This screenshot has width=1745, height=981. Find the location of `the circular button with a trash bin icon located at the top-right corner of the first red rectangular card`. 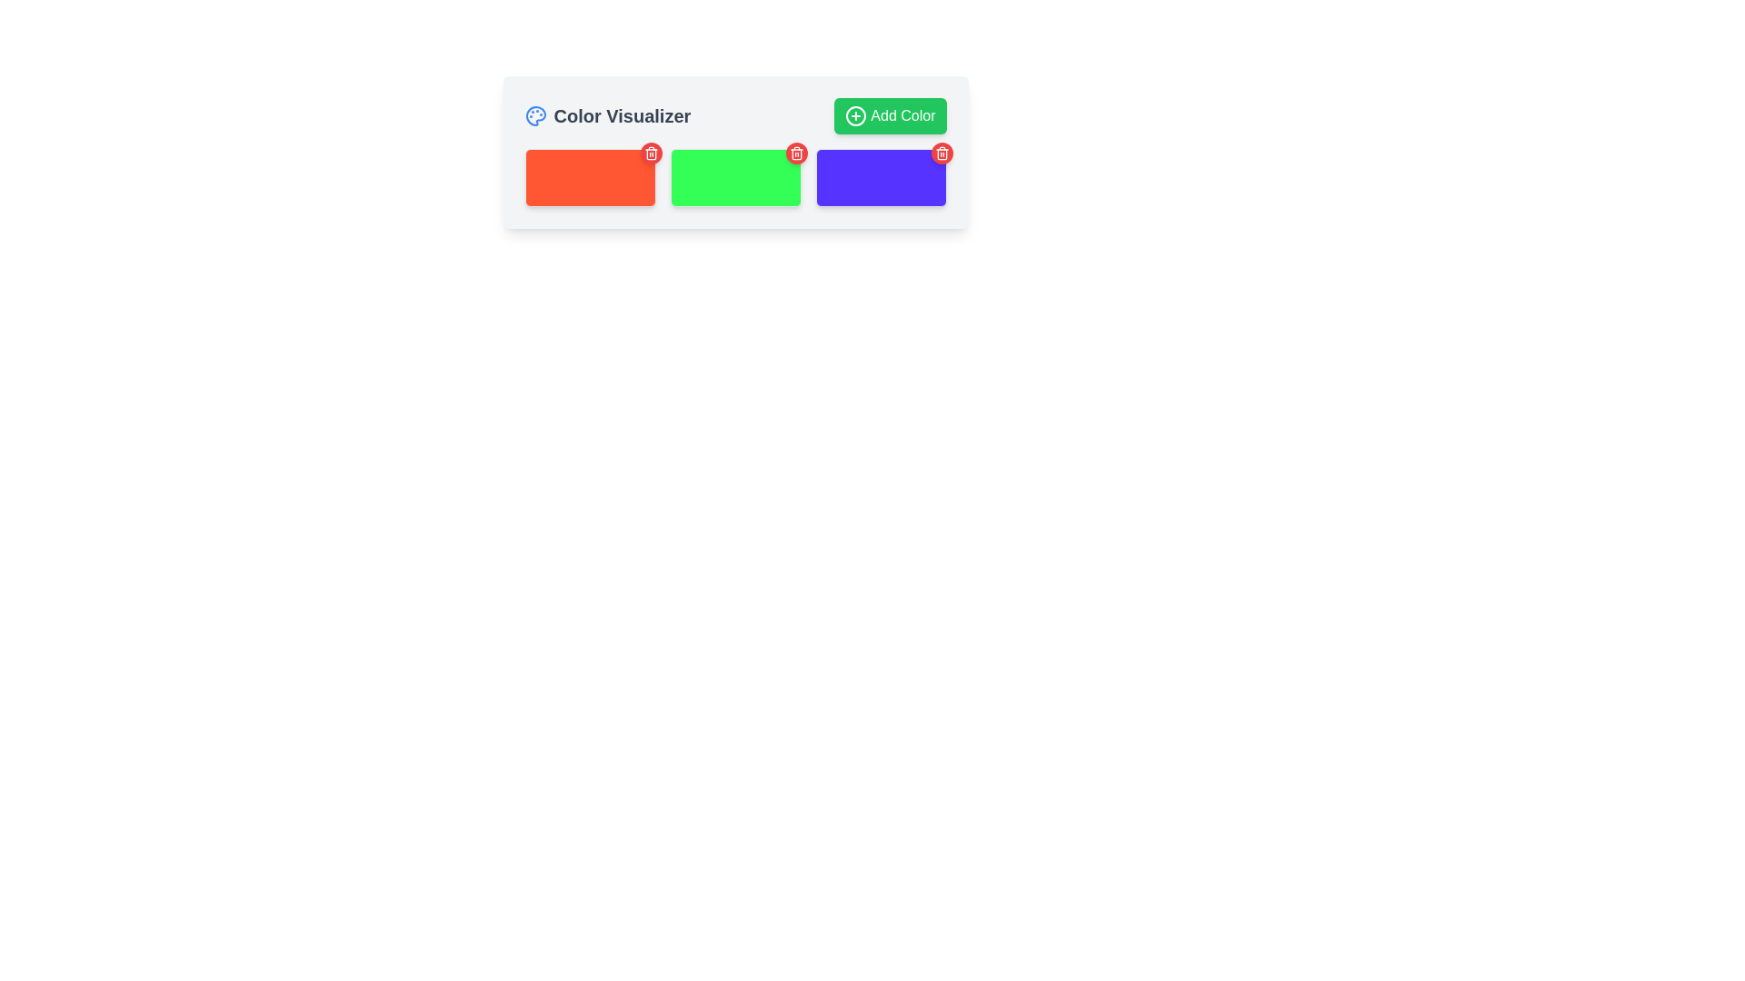

the circular button with a trash bin icon located at the top-right corner of the first red rectangular card is located at coordinates (651, 153).